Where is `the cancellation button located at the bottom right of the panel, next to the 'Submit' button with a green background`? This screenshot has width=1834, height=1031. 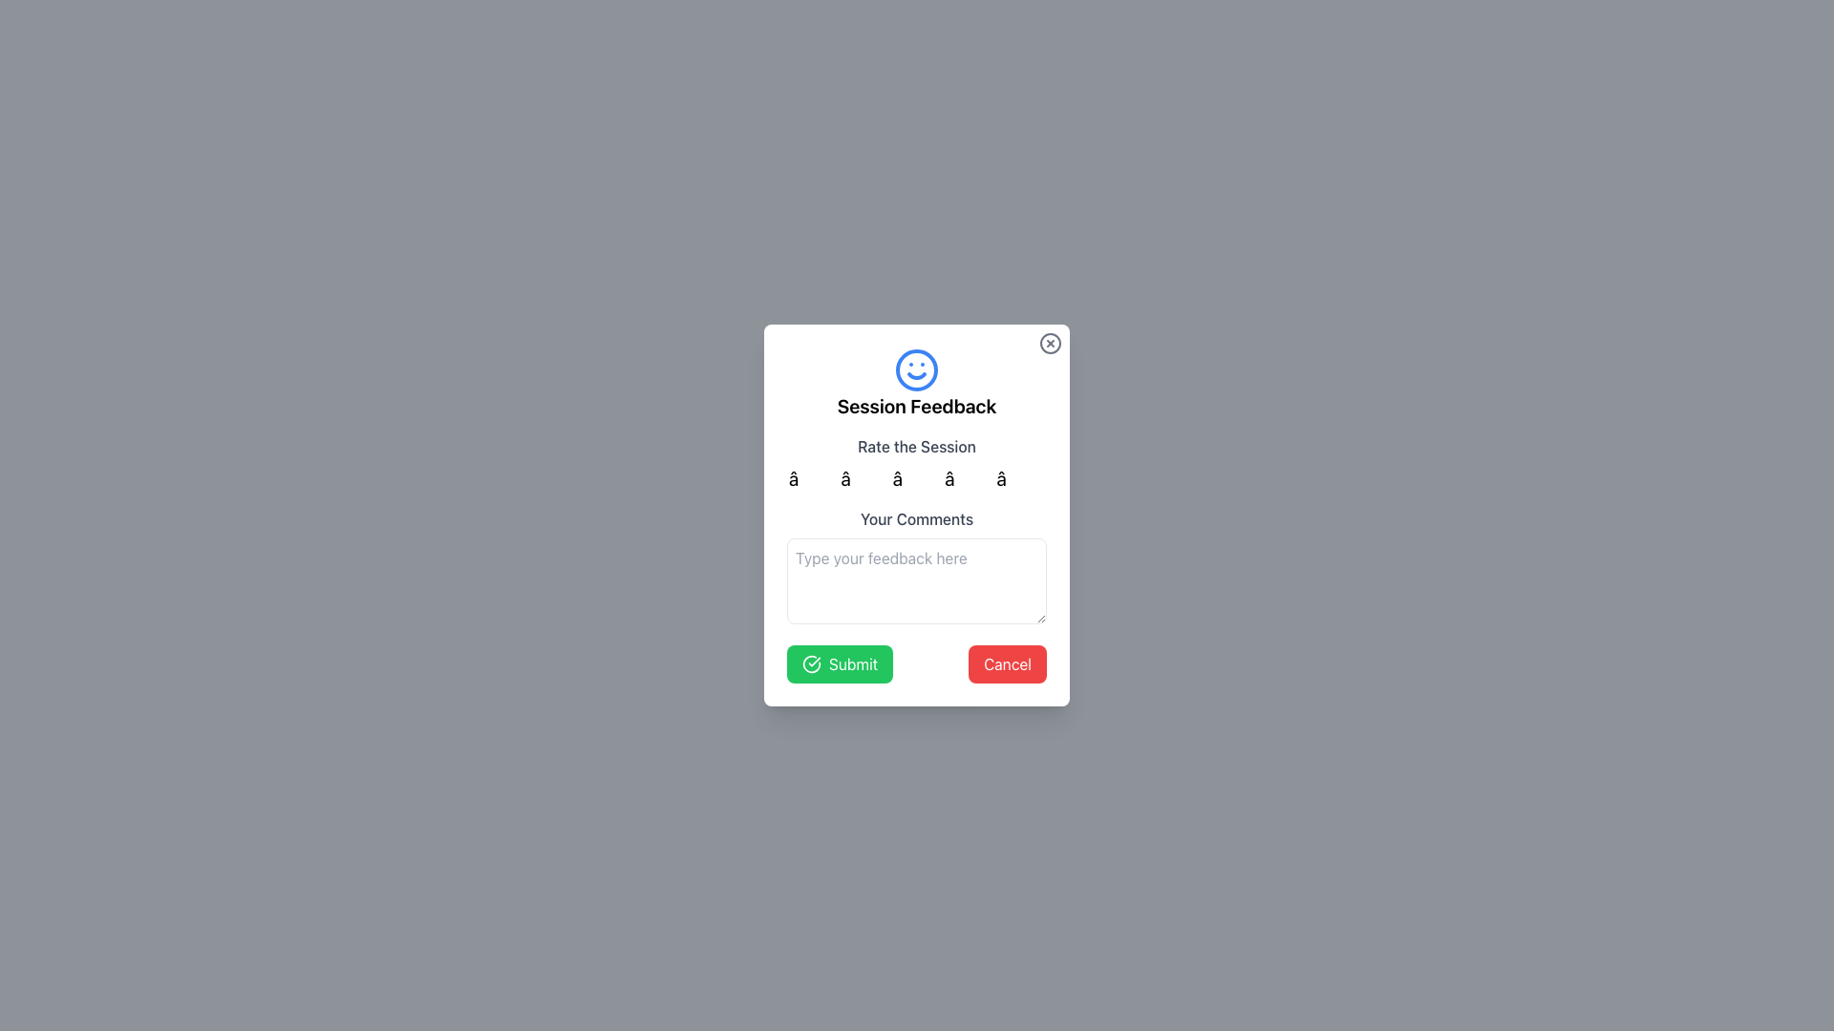
the cancellation button located at the bottom right of the panel, next to the 'Submit' button with a green background is located at coordinates (1007, 663).